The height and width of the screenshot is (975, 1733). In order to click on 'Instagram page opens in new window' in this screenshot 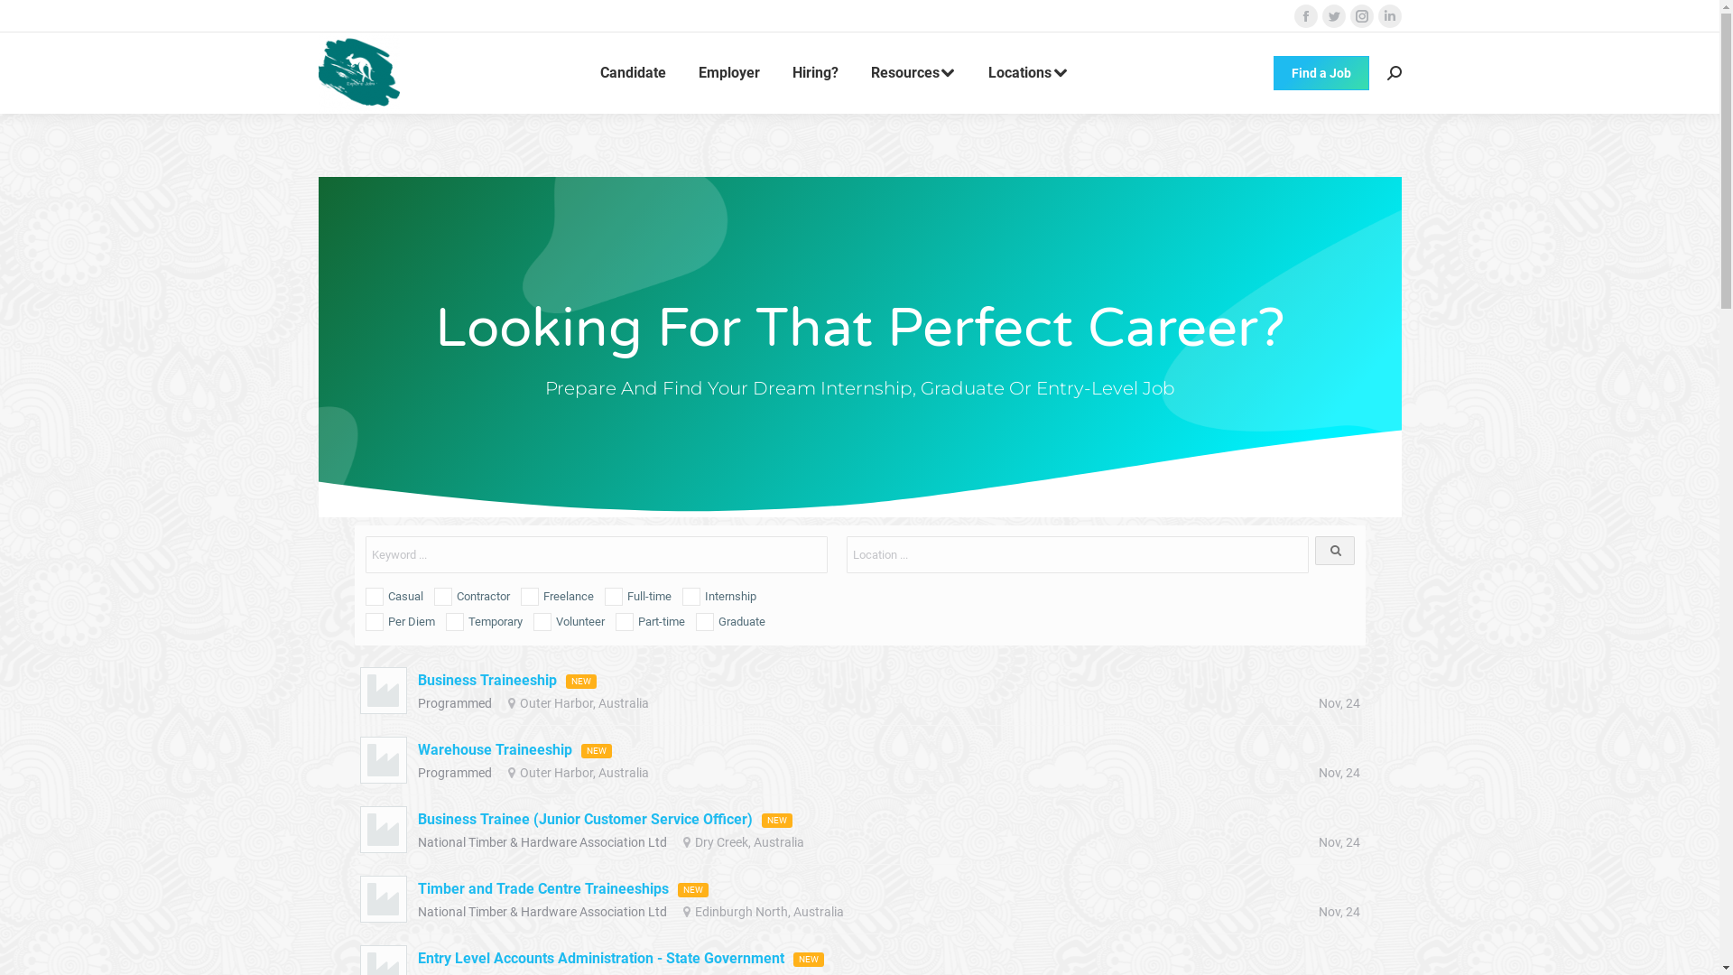, I will do `click(1361, 16)`.